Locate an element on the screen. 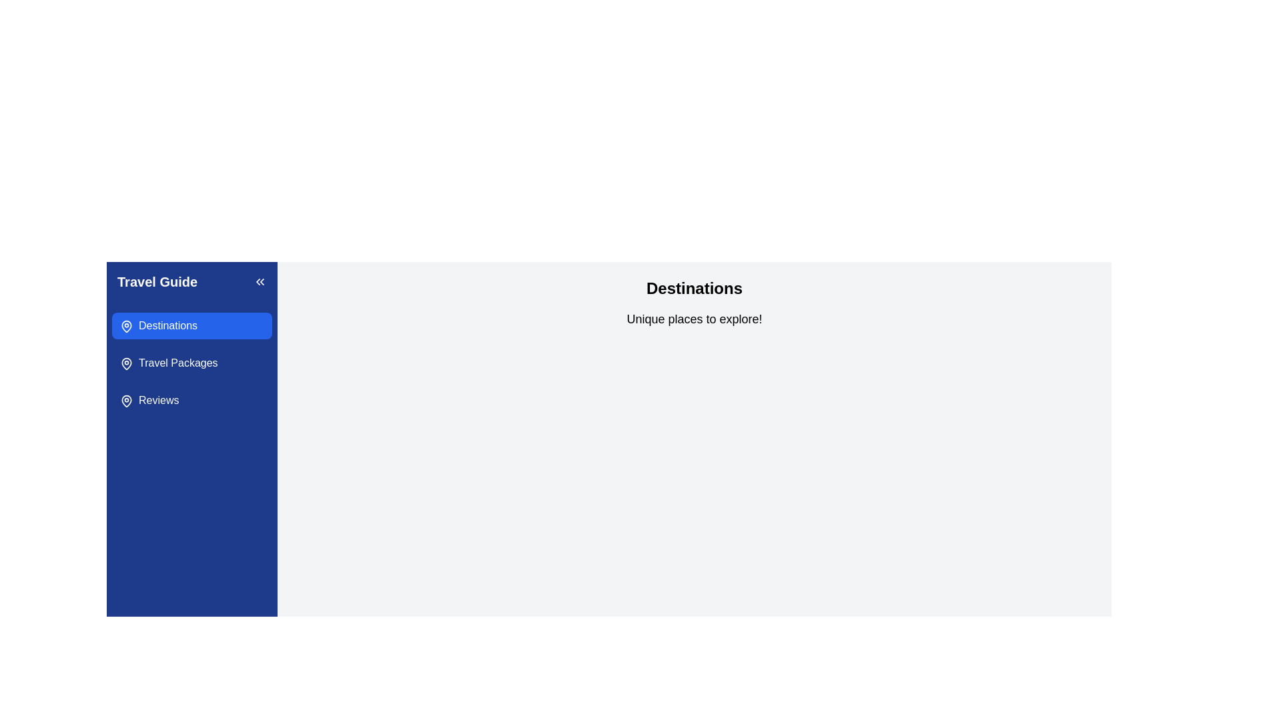 Image resolution: width=1281 pixels, height=720 pixels. the map pin SVG icon associated with the 'Reviews' menu item located on the left vertical navigation menu is located at coordinates (127, 400).